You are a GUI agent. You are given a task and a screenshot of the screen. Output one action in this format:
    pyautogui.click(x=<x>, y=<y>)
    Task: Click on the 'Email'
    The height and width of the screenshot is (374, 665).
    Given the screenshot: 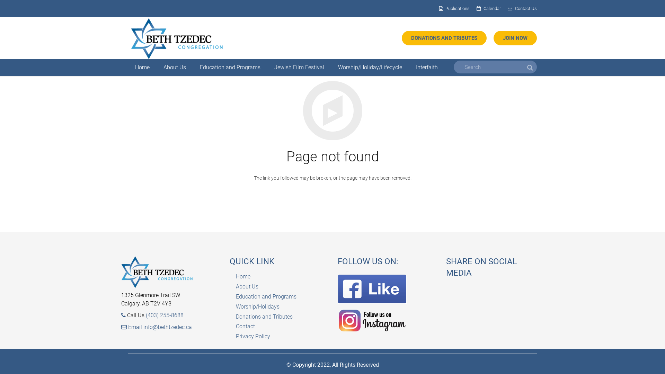 What is the action you would take?
    pyautogui.click(x=121, y=327)
    